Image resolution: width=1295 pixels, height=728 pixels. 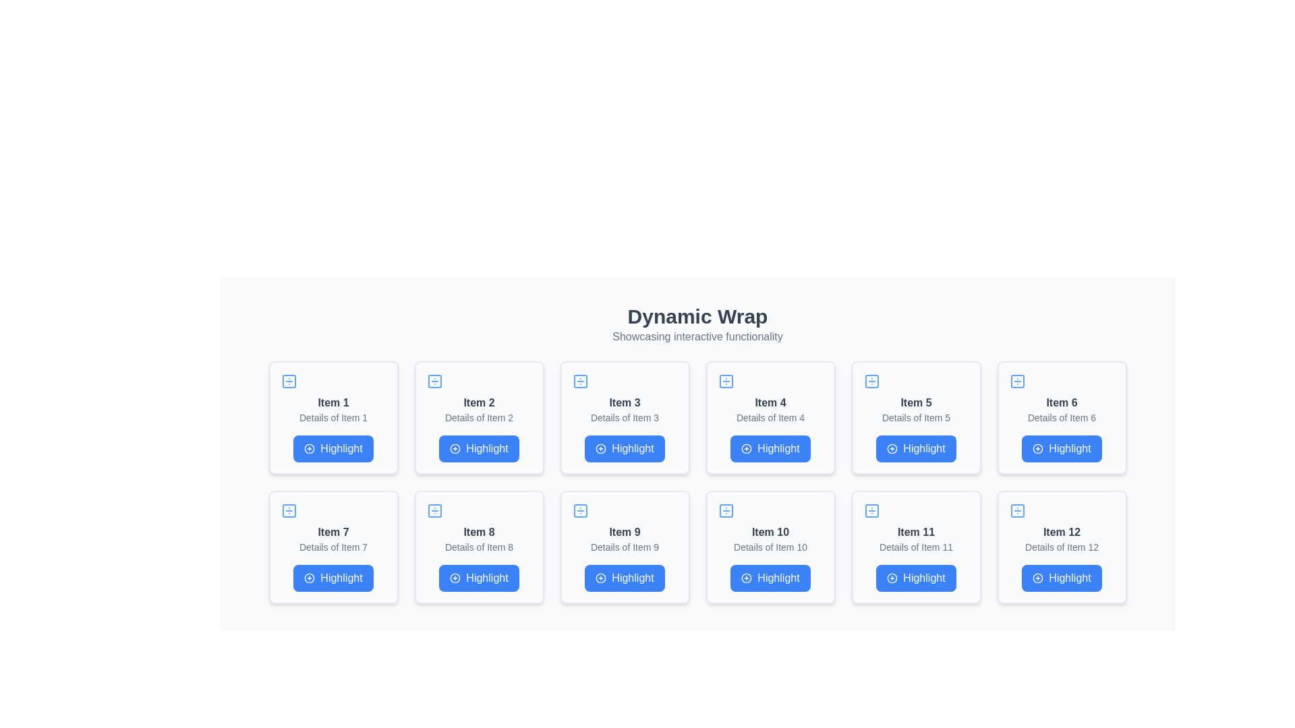 What do you see at coordinates (770, 417) in the screenshot?
I see `the text label that provides descriptive information about 'Item 4', which is located below the title 'Item 4' and above the blue 'Highlight' button` at bounding box center [770, 417].